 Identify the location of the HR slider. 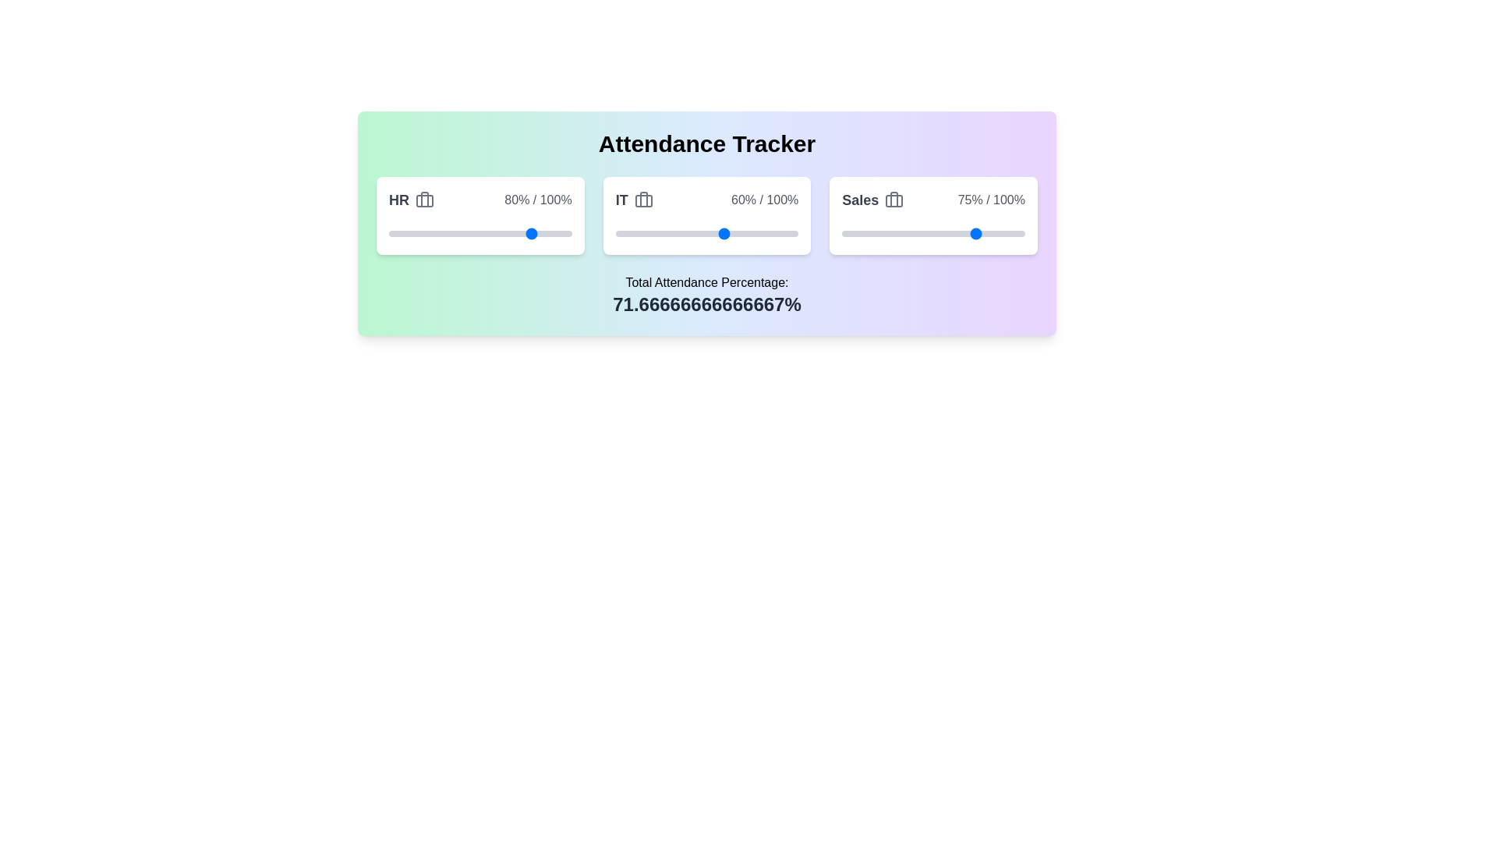
(550, 234).